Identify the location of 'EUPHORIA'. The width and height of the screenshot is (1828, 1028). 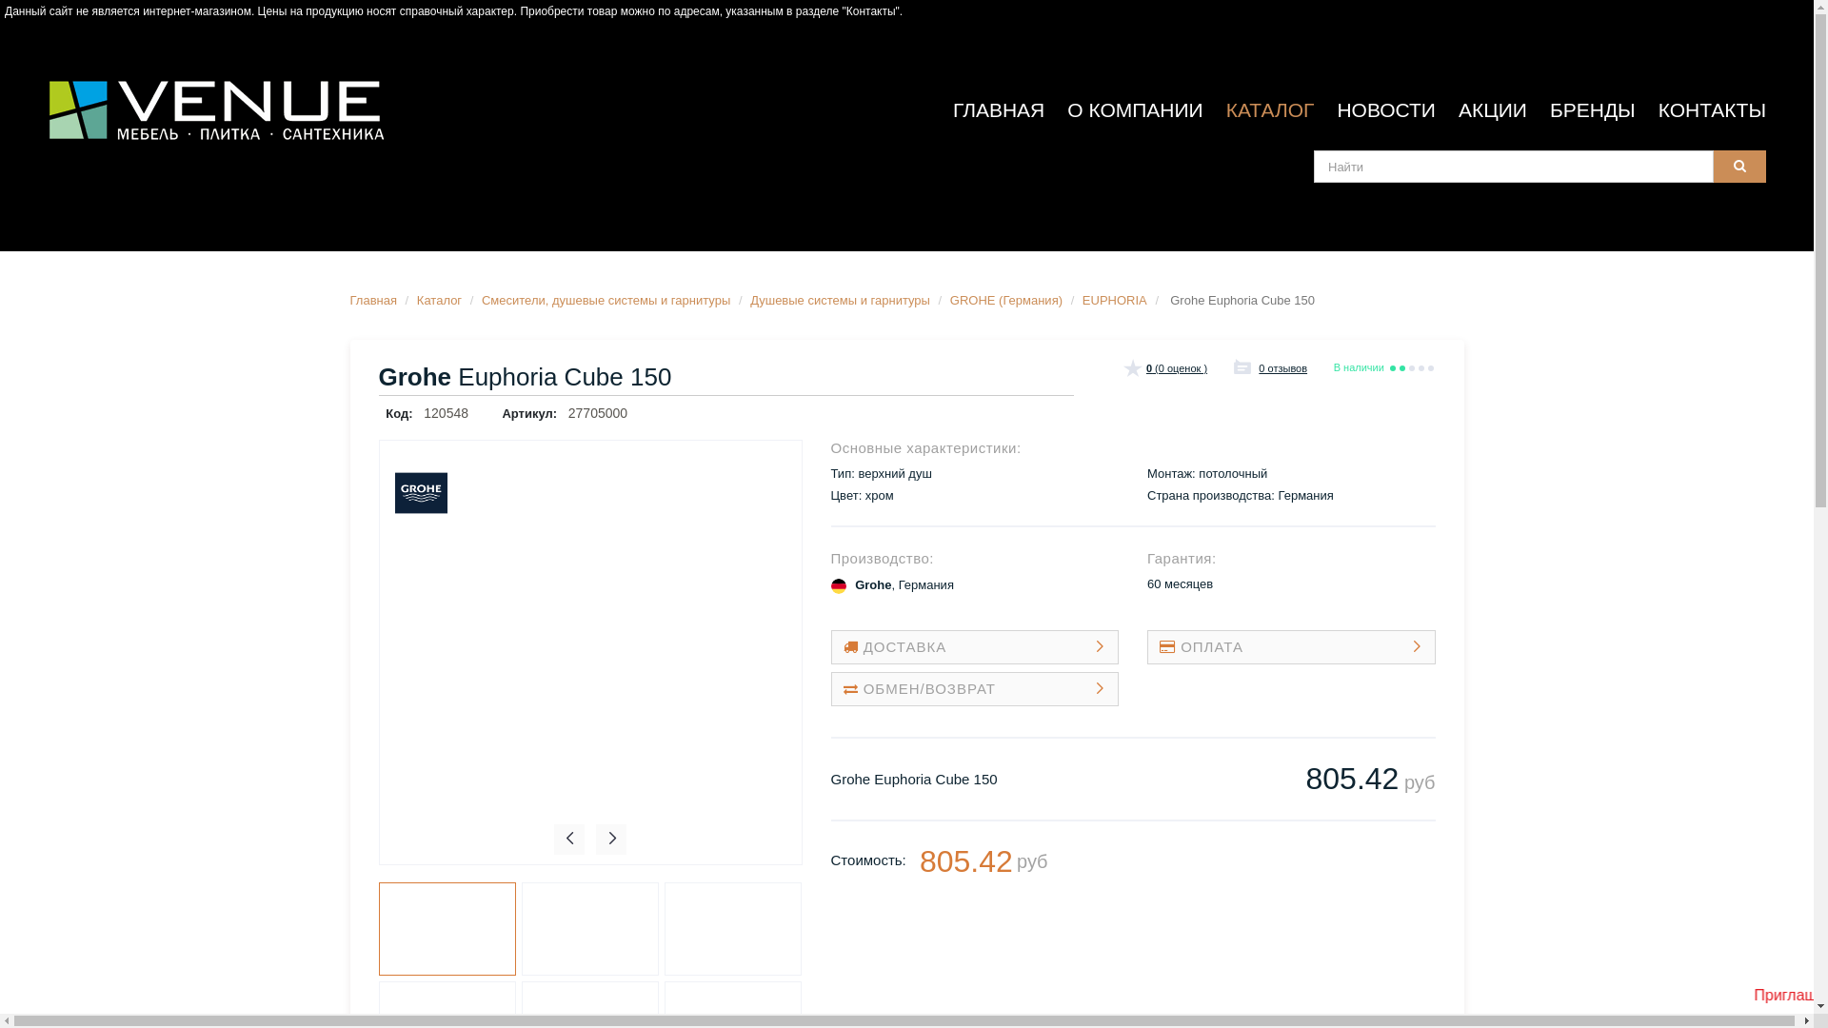
(1083, 300).